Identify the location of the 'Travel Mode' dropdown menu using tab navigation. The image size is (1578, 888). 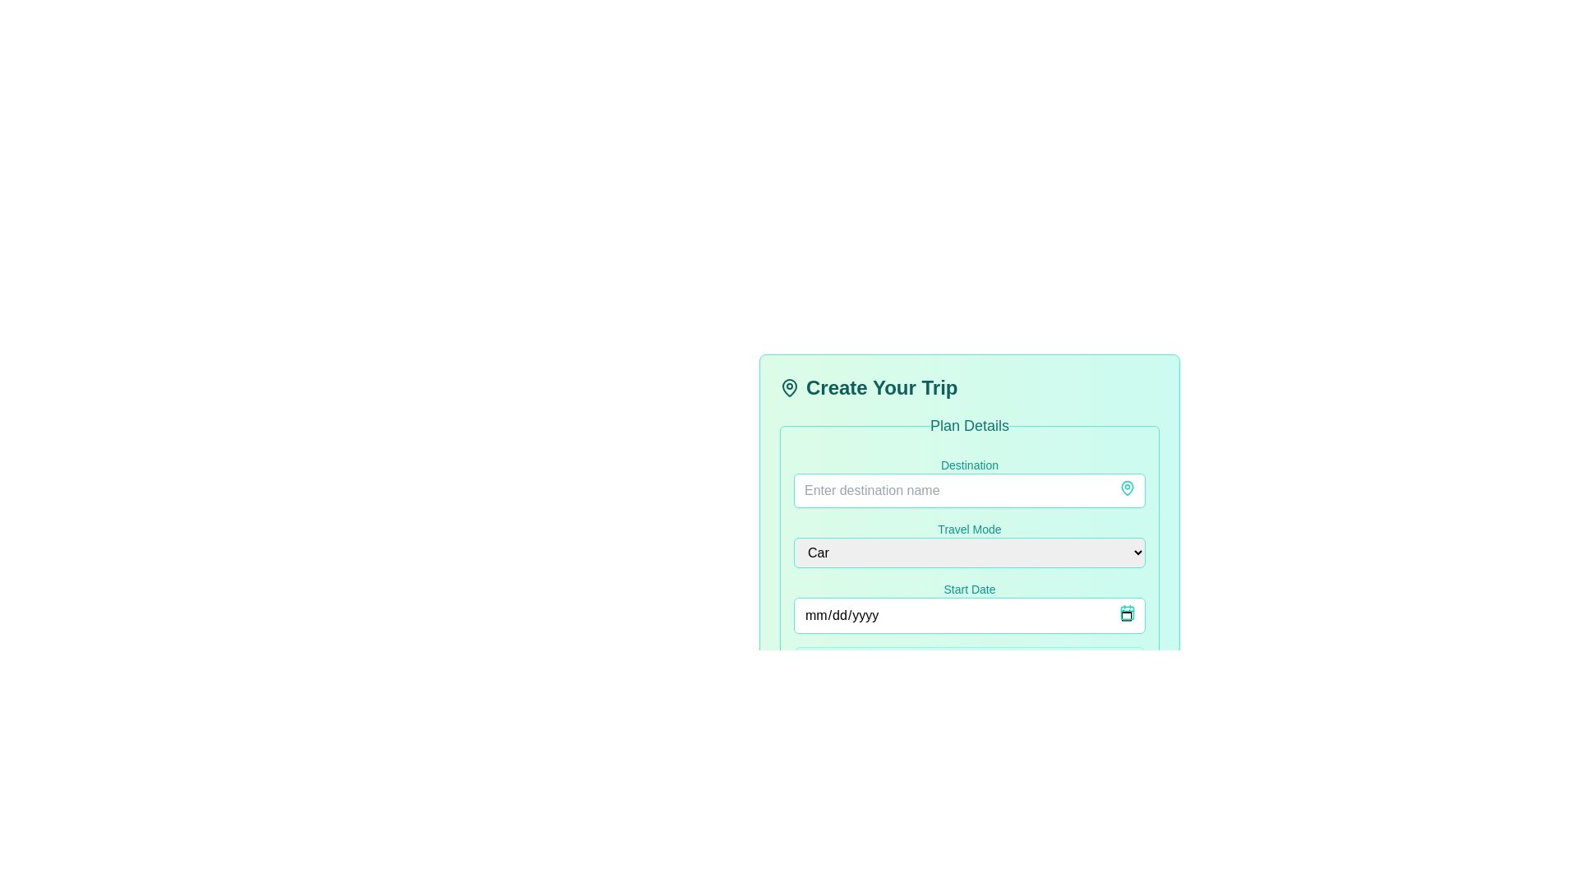
(970, 544).